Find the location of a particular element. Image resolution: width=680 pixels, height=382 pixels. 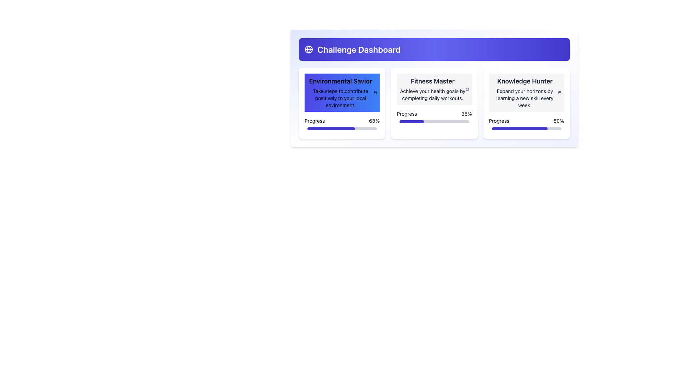

text contents of the title and subtitle labels in the 'Fitness Master' challenge card, located centrally in the top area of the card is located at coordinates (432, 88).